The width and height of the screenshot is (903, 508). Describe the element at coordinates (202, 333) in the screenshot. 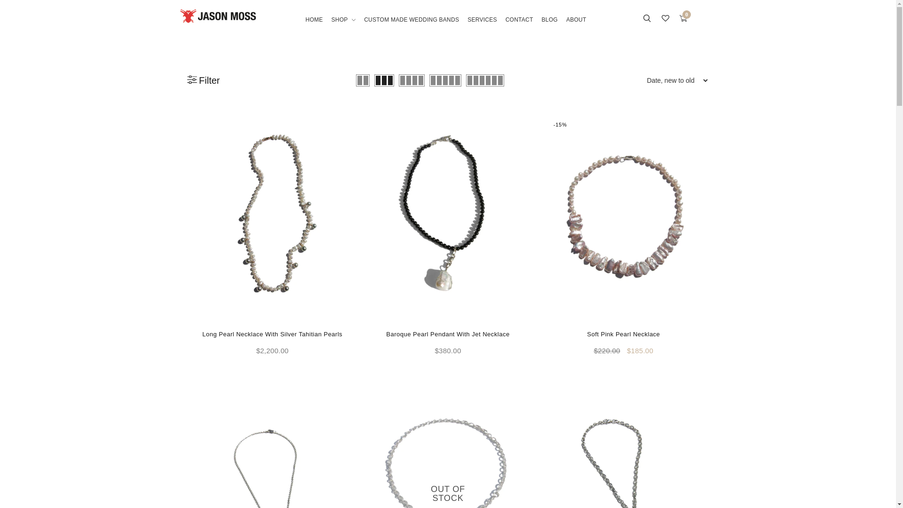

I see `'Long Pearl Necklace With Silver Tahitian Pearls'` at that location.